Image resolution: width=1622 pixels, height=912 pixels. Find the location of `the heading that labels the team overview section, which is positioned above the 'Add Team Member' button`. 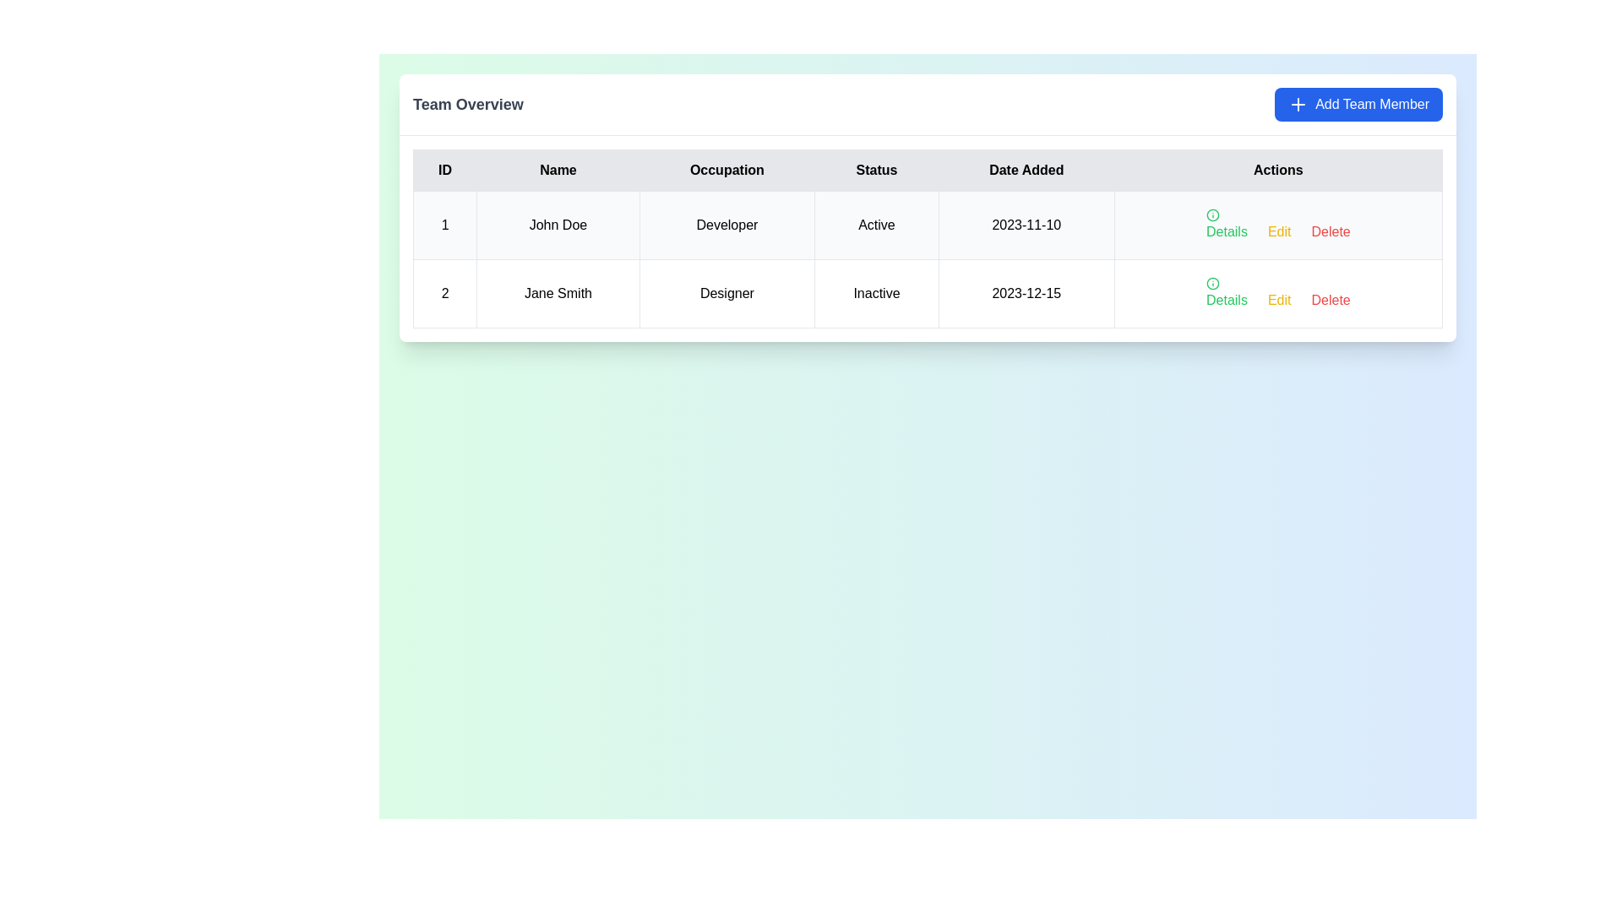

the heading that labels the team overview section, which is positioned above the 'Add Team Member' button is located at coordinates (468, 104).